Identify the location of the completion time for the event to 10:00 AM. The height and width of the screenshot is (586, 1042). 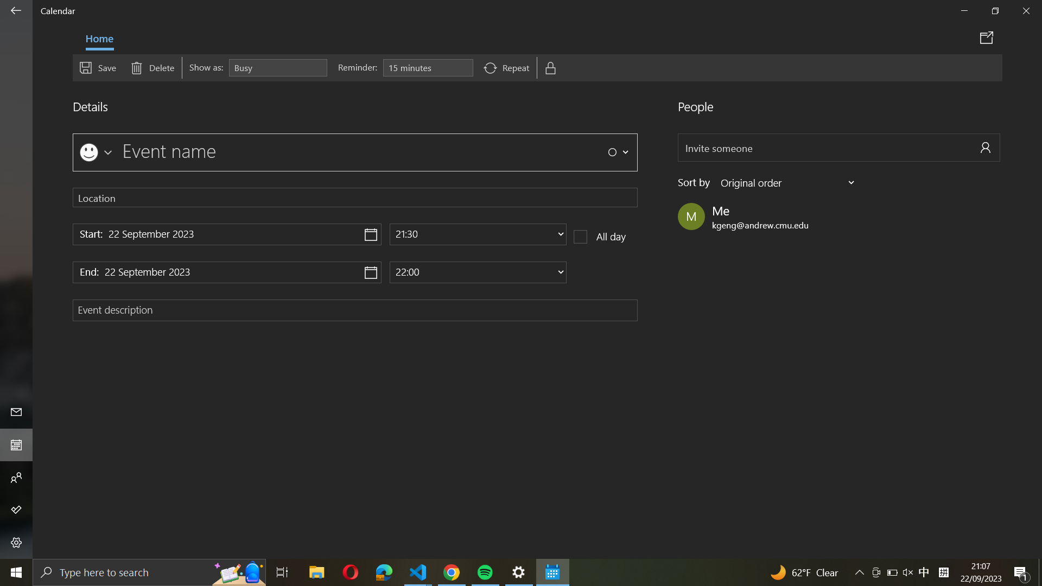
(478, 271).